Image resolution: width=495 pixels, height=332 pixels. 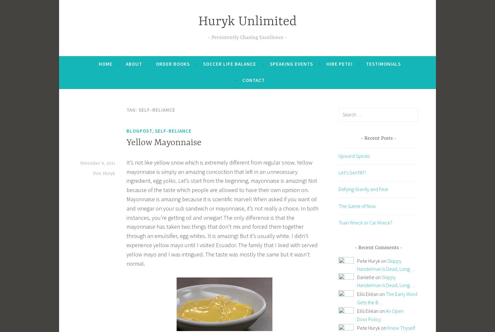 What do you see at coordinates (139, 131) in the screenshot?
I see `'Blogpost'` at bounding box center [139, 131].